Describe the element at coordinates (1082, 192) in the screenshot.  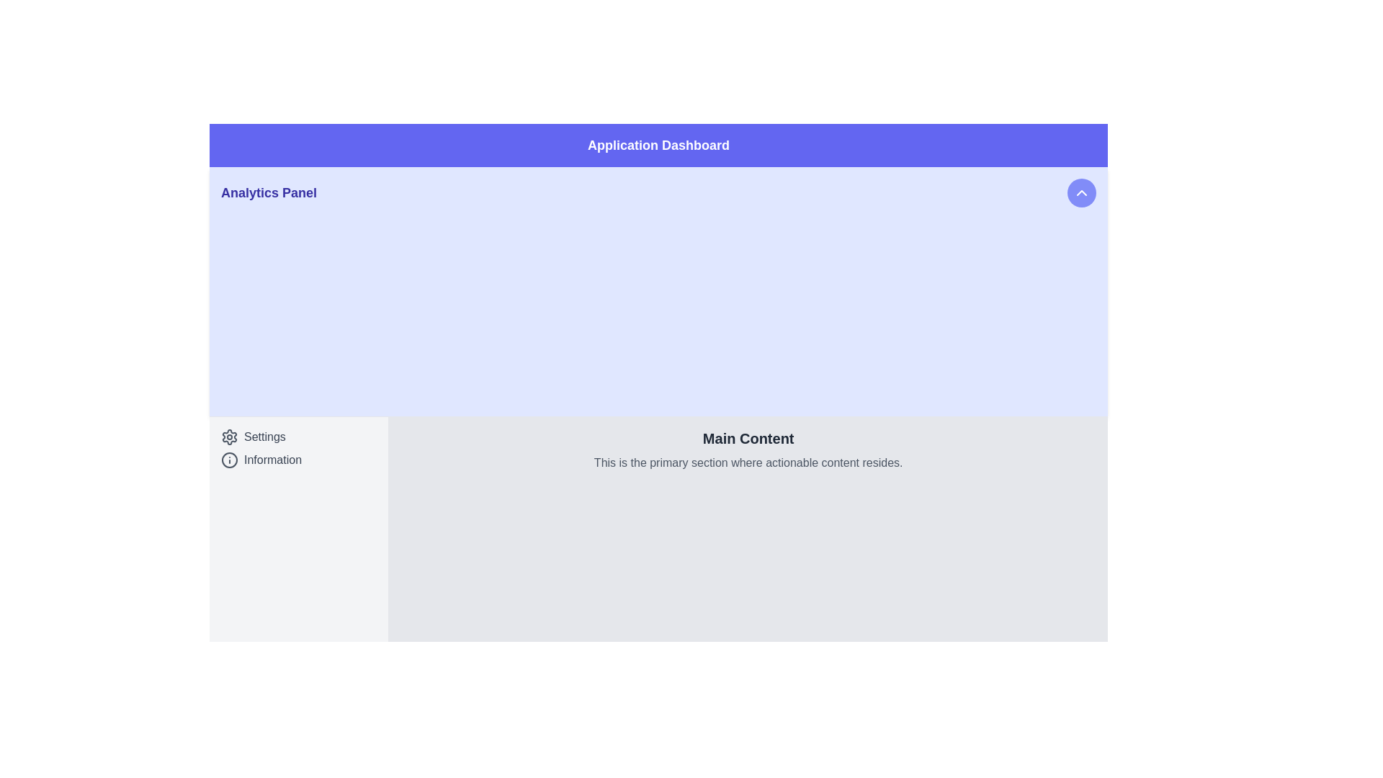
I see `the icon with a chevron symbol located in the top-right corner of the interface` at that location.